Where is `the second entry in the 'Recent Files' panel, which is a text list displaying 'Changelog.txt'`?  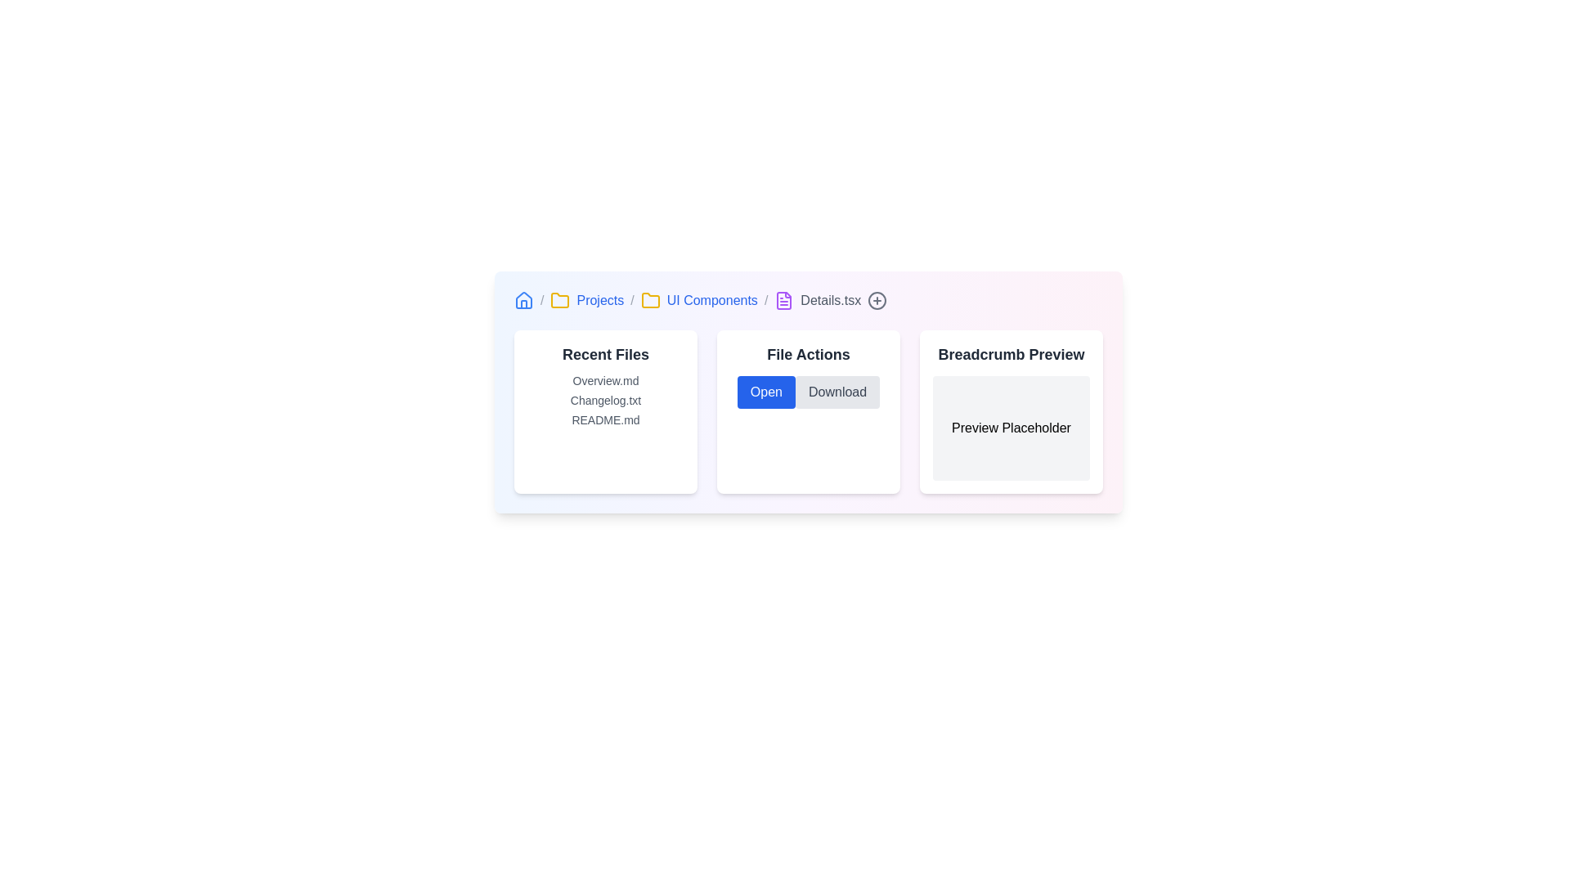
the second entry in the 'Recent Files' panel, which is a text list displaying 'Changelog.txt' is located at coordinates (604, 400).